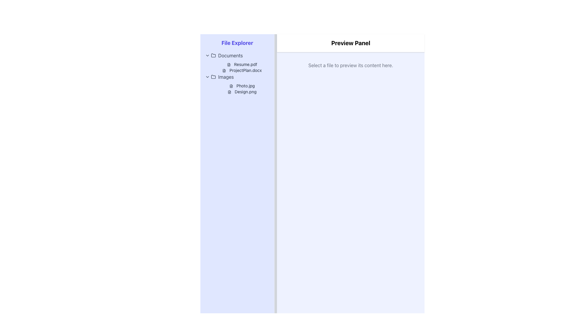  What do you see at coordinates (351, 65) in the screenshot?
I see `the static text label that informs the user about file selection and content preview in the top region of the preview panel` at bounding box center [351, 65].